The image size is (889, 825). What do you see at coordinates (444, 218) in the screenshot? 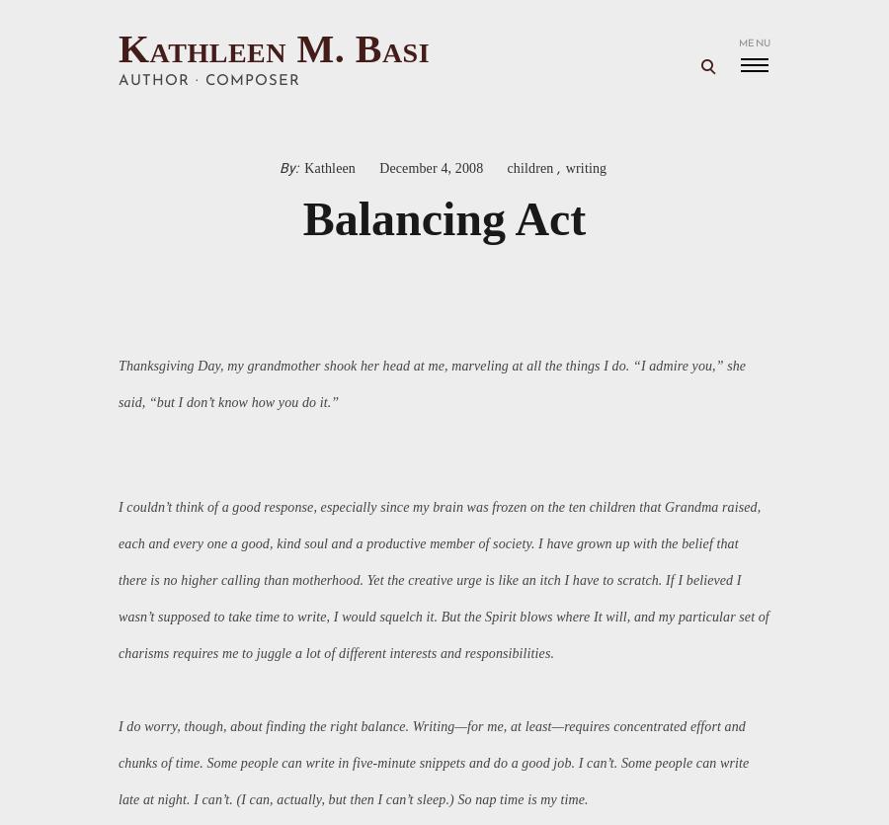
I see `'Balancing Act'` at bounding box center [444, 218].